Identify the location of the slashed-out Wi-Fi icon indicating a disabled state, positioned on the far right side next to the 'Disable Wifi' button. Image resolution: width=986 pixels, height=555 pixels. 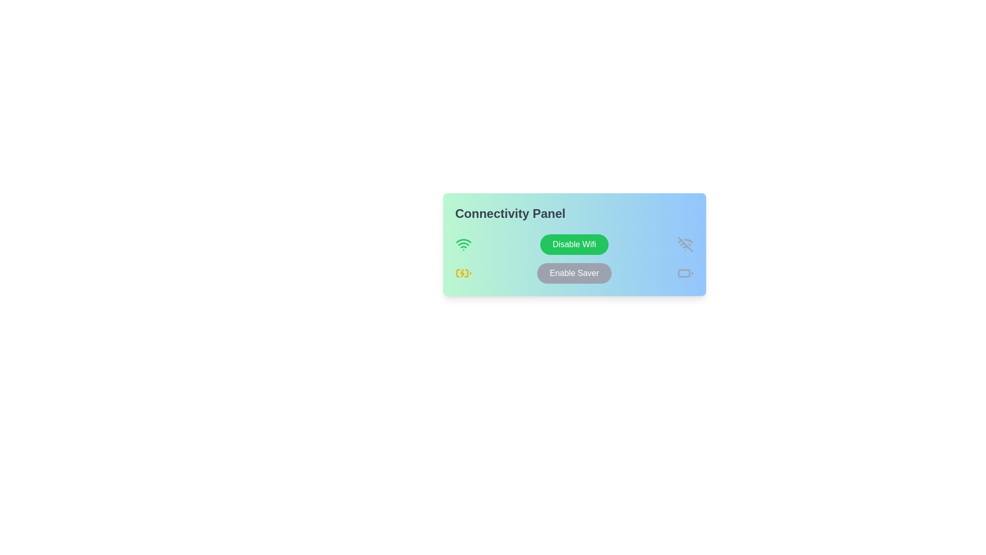
(685, 244).